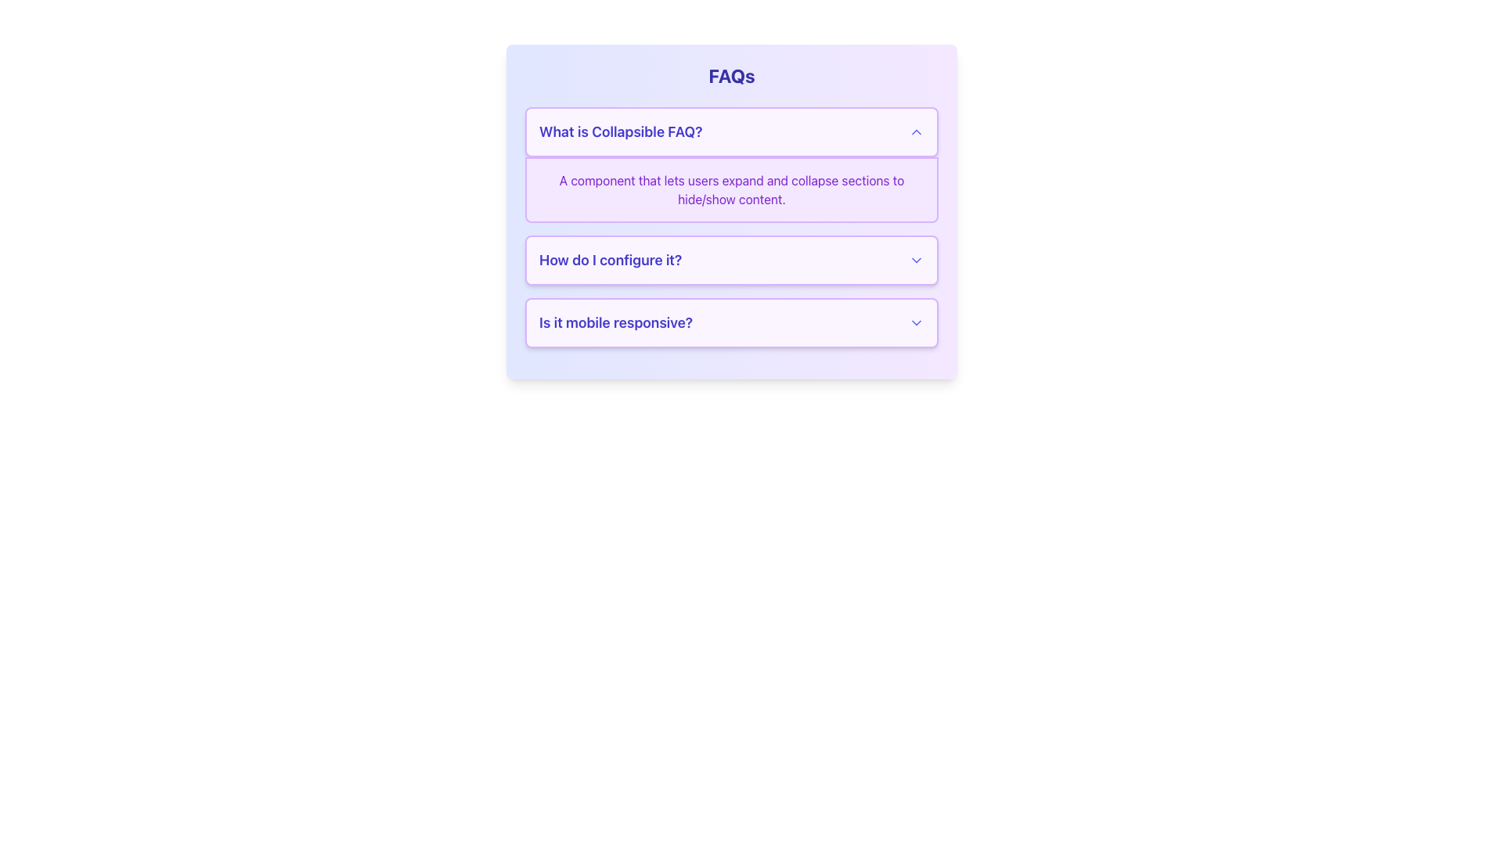 This screenshot has height=845, width=1503. Describe the element at coordinates (731, 322) in the screenshot. I see `the third collapsible panel in the FAQ section` at that location.